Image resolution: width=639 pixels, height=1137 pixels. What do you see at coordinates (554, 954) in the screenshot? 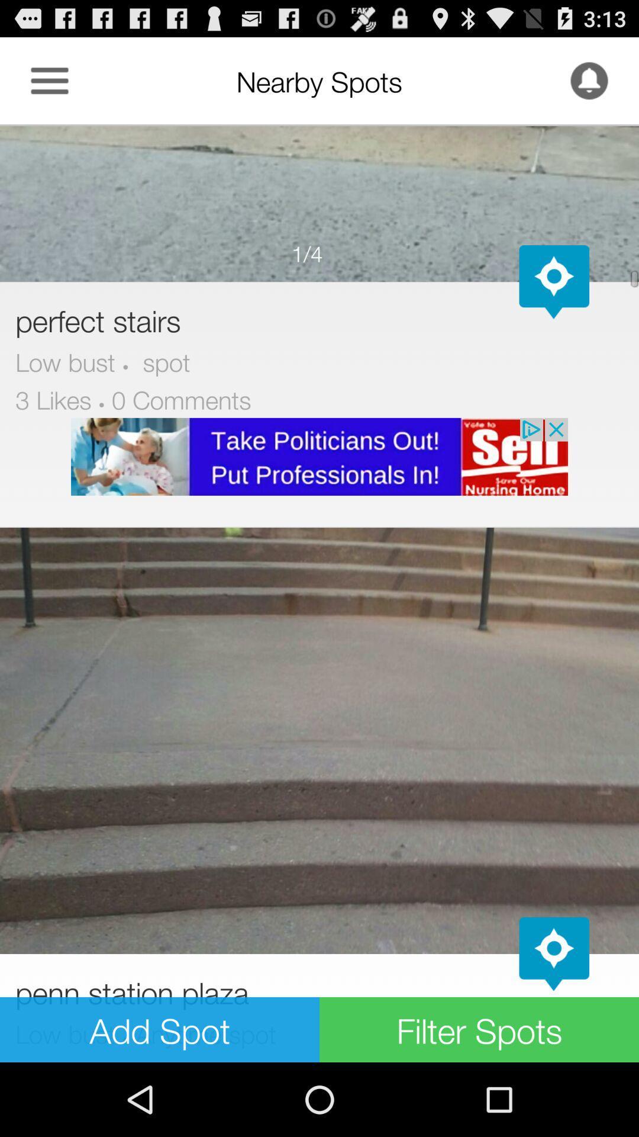
I see `this would tag the address using gps` at bounding box center [554, 954].